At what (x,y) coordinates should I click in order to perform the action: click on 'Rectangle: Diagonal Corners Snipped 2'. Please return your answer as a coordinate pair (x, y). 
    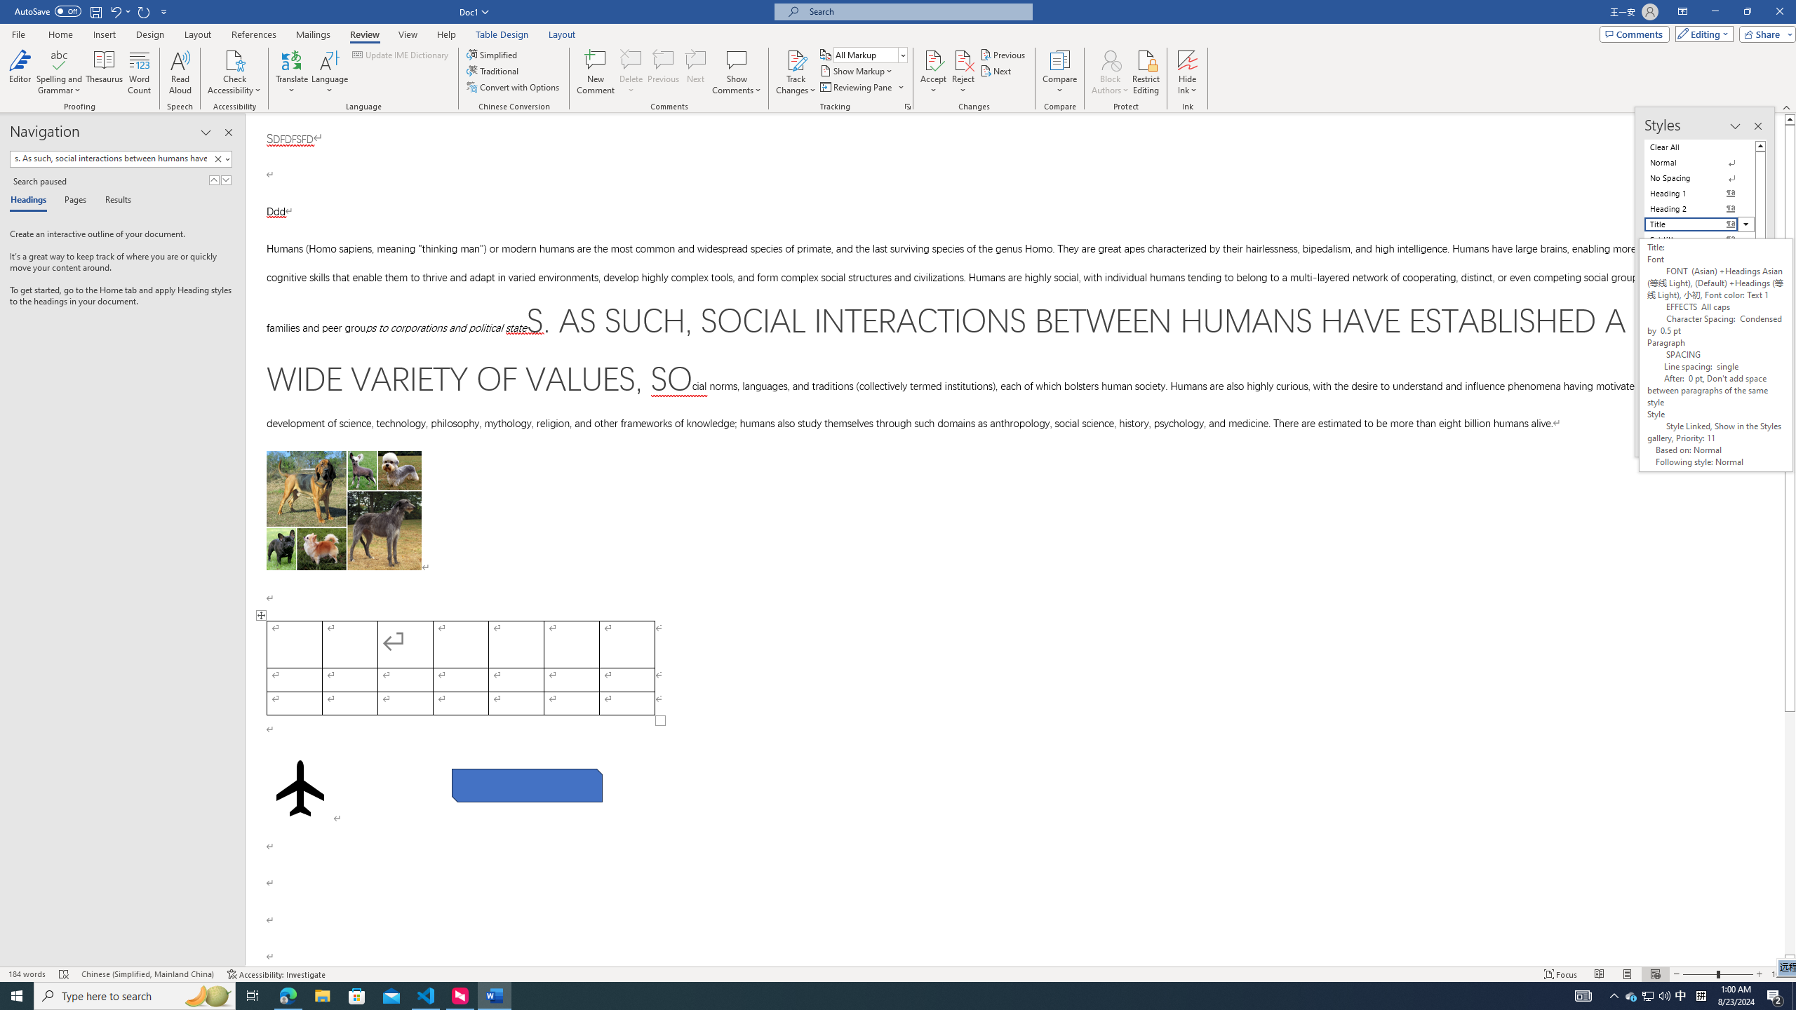
    Looking at the image, I should click on (527, 784).